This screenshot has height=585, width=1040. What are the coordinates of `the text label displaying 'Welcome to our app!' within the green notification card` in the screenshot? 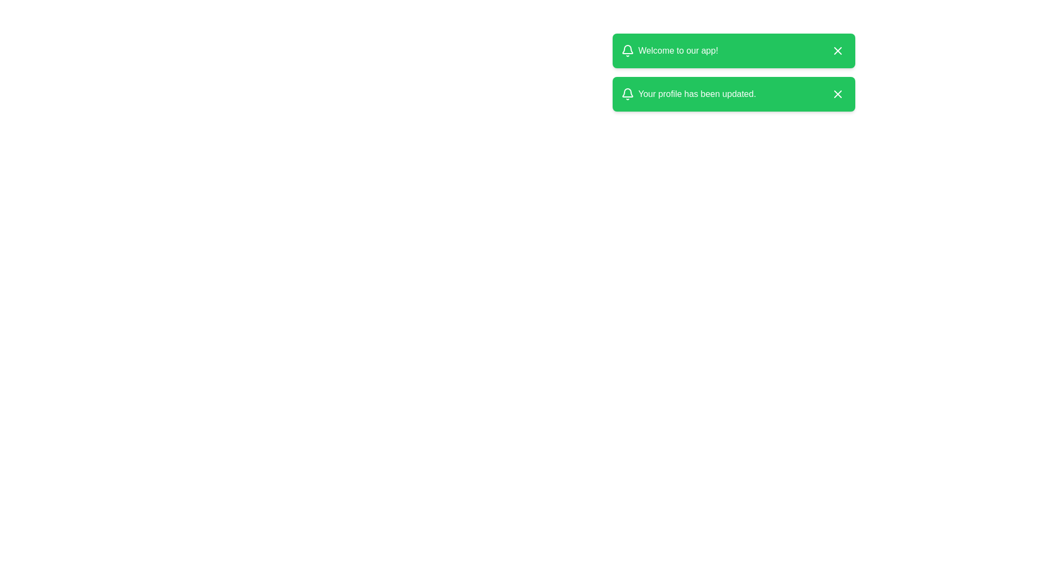 It's located at (669, 50).